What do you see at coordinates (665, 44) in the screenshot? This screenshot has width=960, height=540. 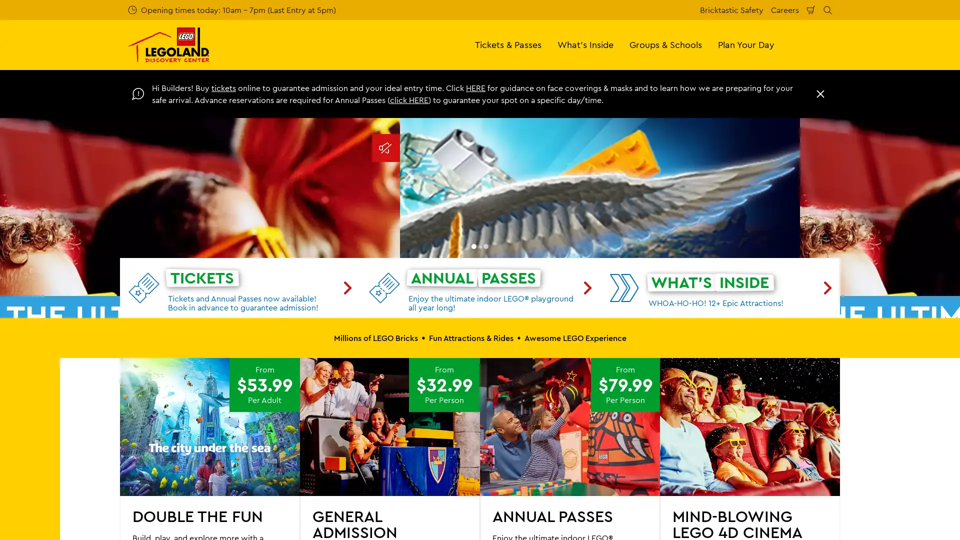 I see `Groups & Schools` at bounding box center [665, 44].